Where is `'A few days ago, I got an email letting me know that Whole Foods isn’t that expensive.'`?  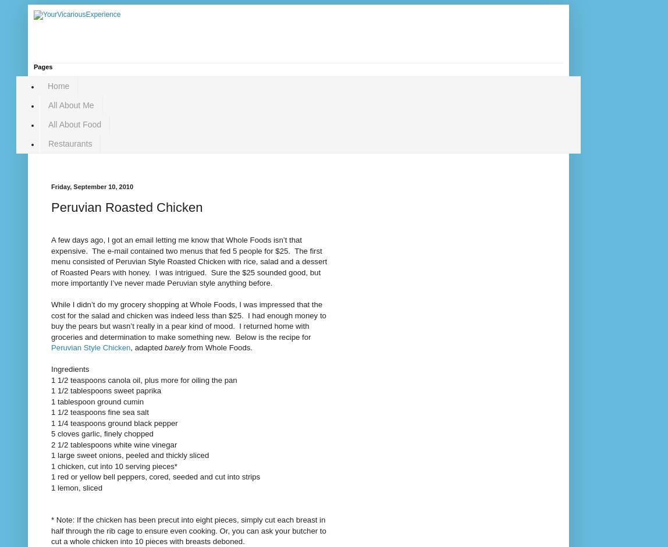 'A few days ago, I got an email letting me know that Whole Foods isn’t that expensive.' is located at coordinates (51, 245).